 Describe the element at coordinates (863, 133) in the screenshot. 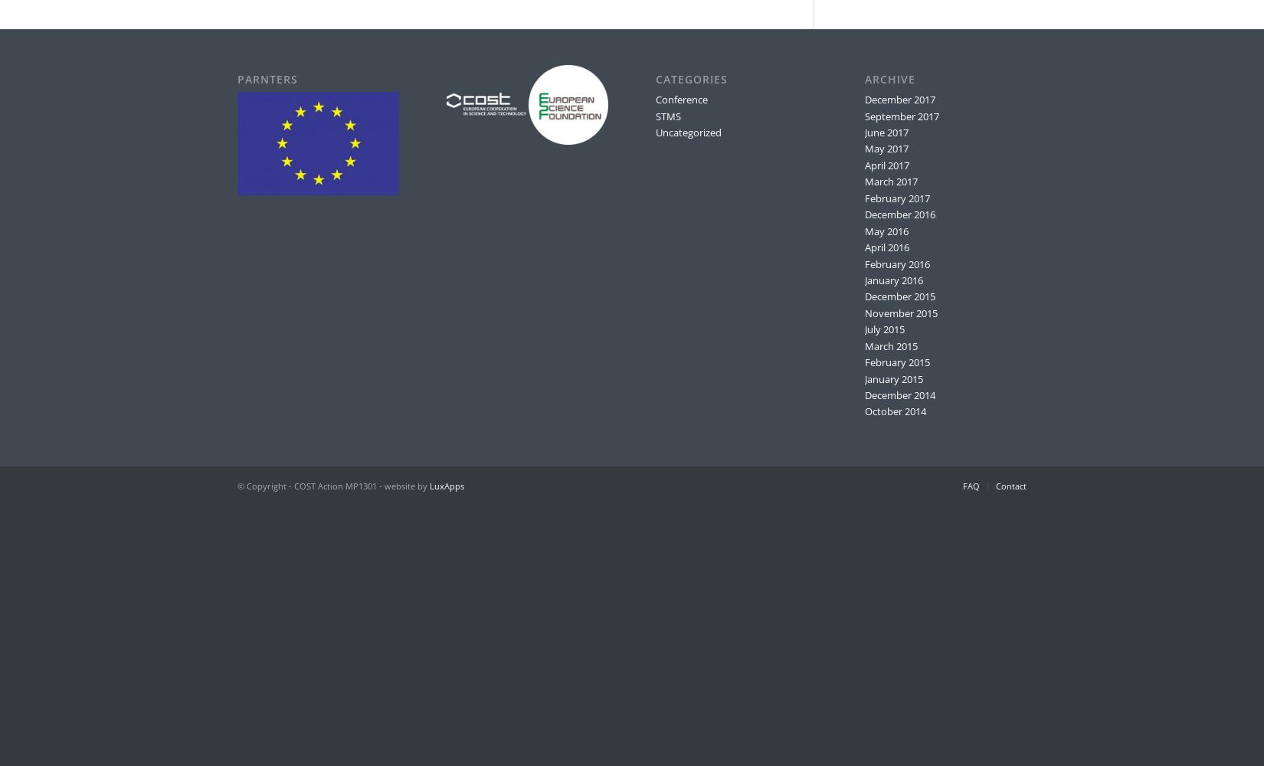

I see `'June 2017'` at that location.